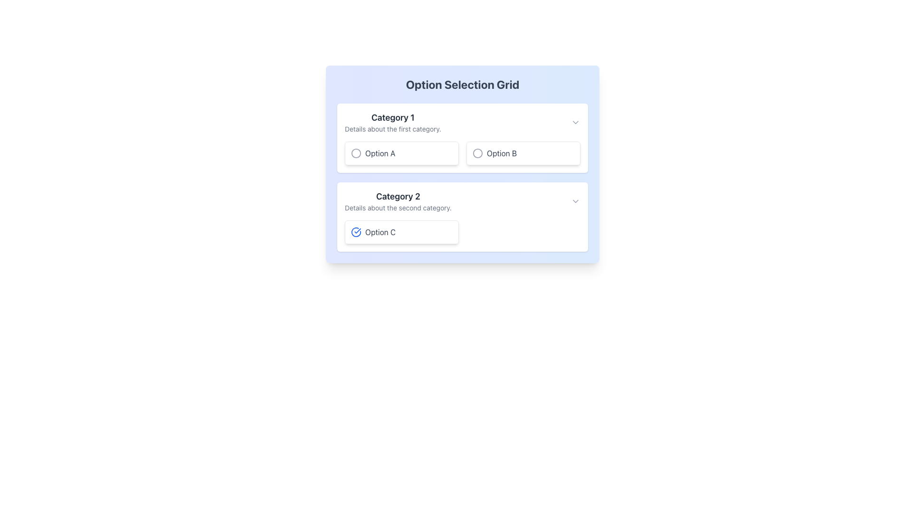 The width and height of the screenshot is (912, 513). Describe the element at coordinates (355, 153) in the screenshot. I see `the circular icon with a gray outline representing an unselected status, located to the left of the text labeled 'Option A'` at that location.